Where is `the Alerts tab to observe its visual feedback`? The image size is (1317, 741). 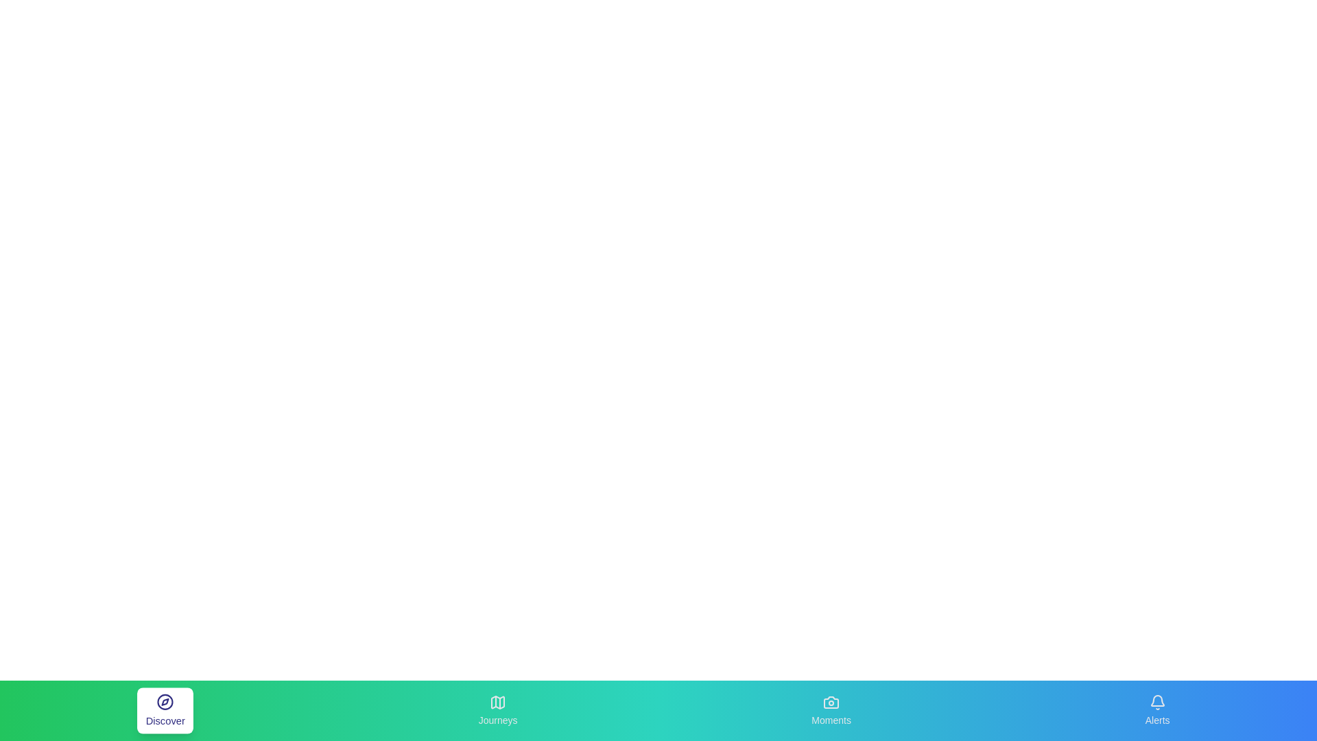 the Alerts tab to observe its visual feedback is located at coordinates (1157, 710).